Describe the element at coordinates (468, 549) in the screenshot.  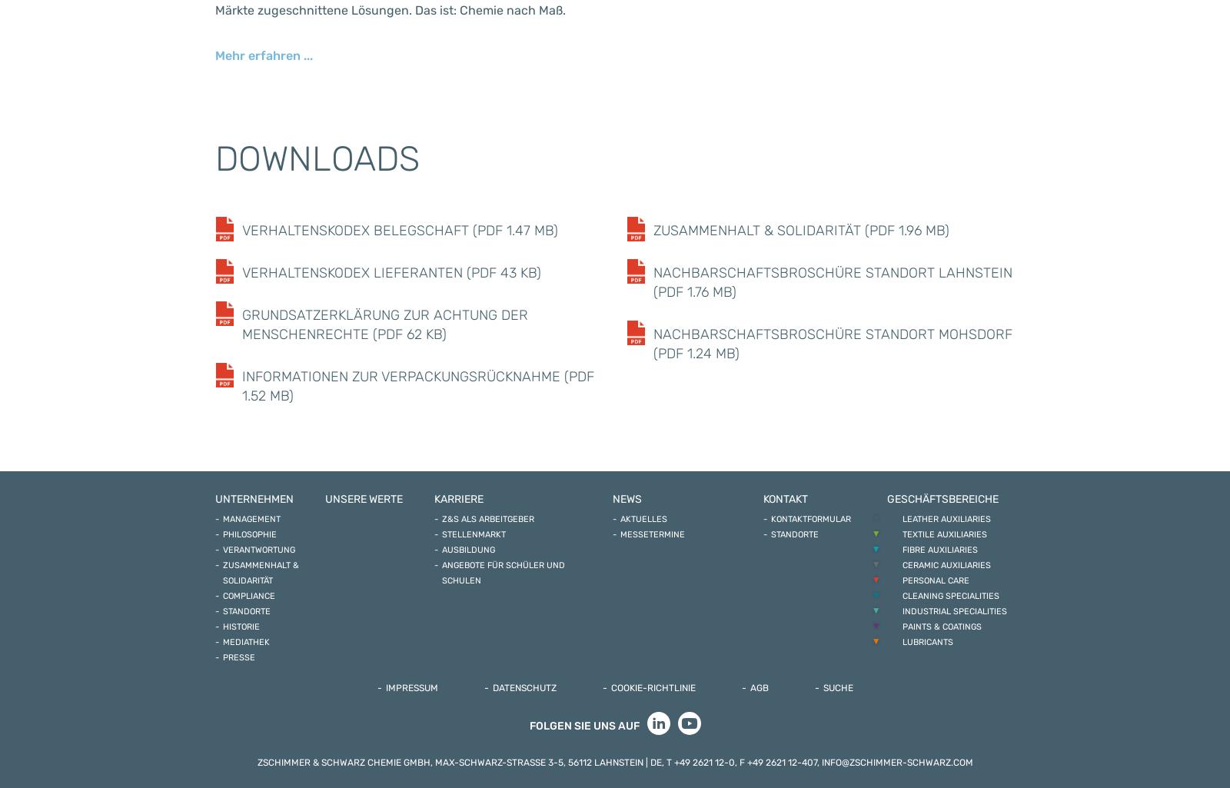
I see `'Ausbildung'` at that location.